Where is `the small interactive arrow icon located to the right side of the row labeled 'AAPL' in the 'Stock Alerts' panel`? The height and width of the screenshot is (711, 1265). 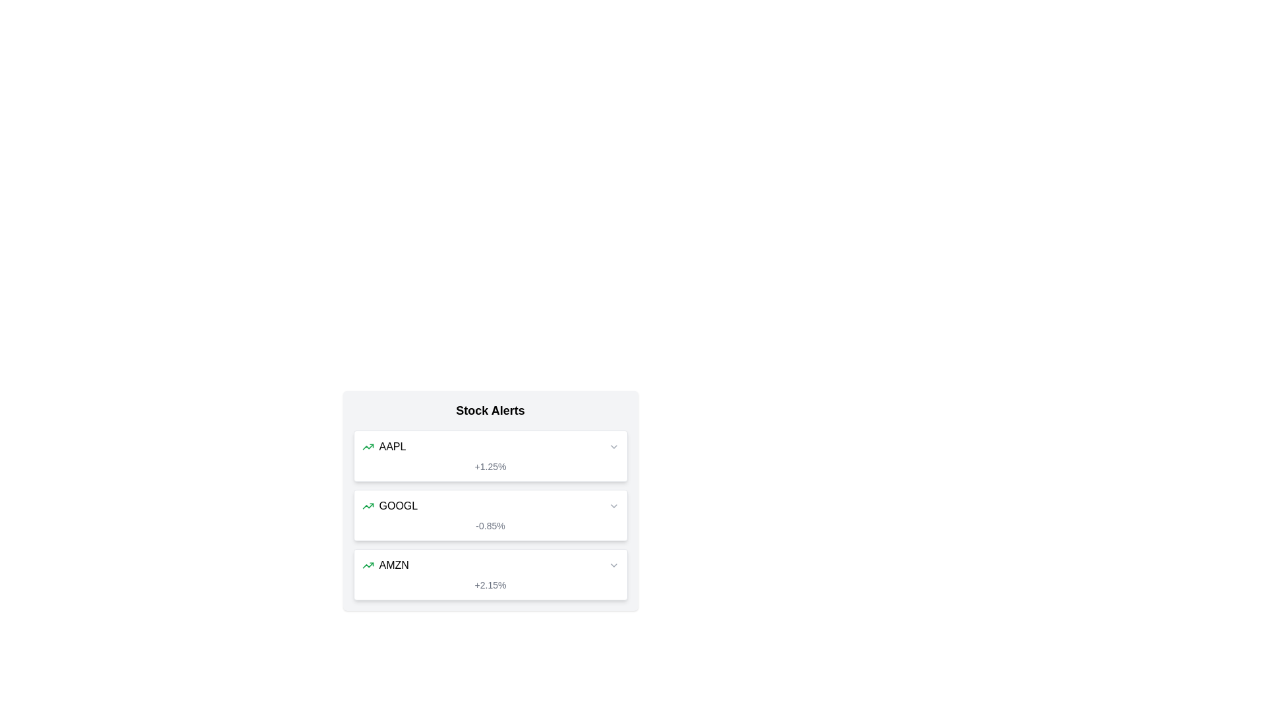
the small interactive arrow icon located to the right side of the row labeled 'AAPL' in the 'Stock Alerts' panel is located at coordinates (613, 446).